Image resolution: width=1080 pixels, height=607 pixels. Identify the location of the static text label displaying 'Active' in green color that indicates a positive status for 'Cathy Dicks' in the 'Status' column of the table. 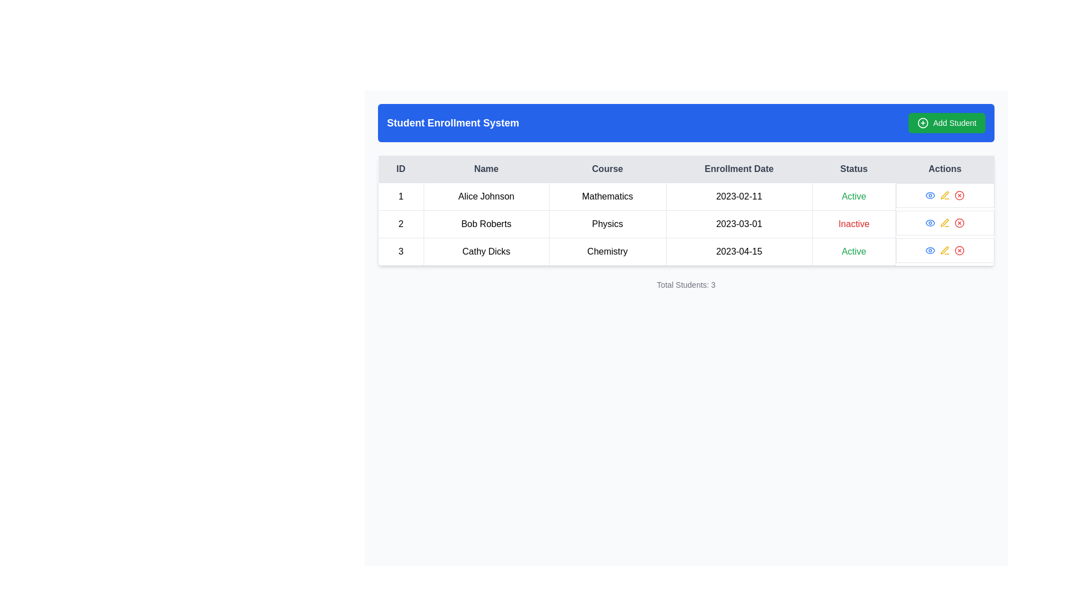
(854, 251).